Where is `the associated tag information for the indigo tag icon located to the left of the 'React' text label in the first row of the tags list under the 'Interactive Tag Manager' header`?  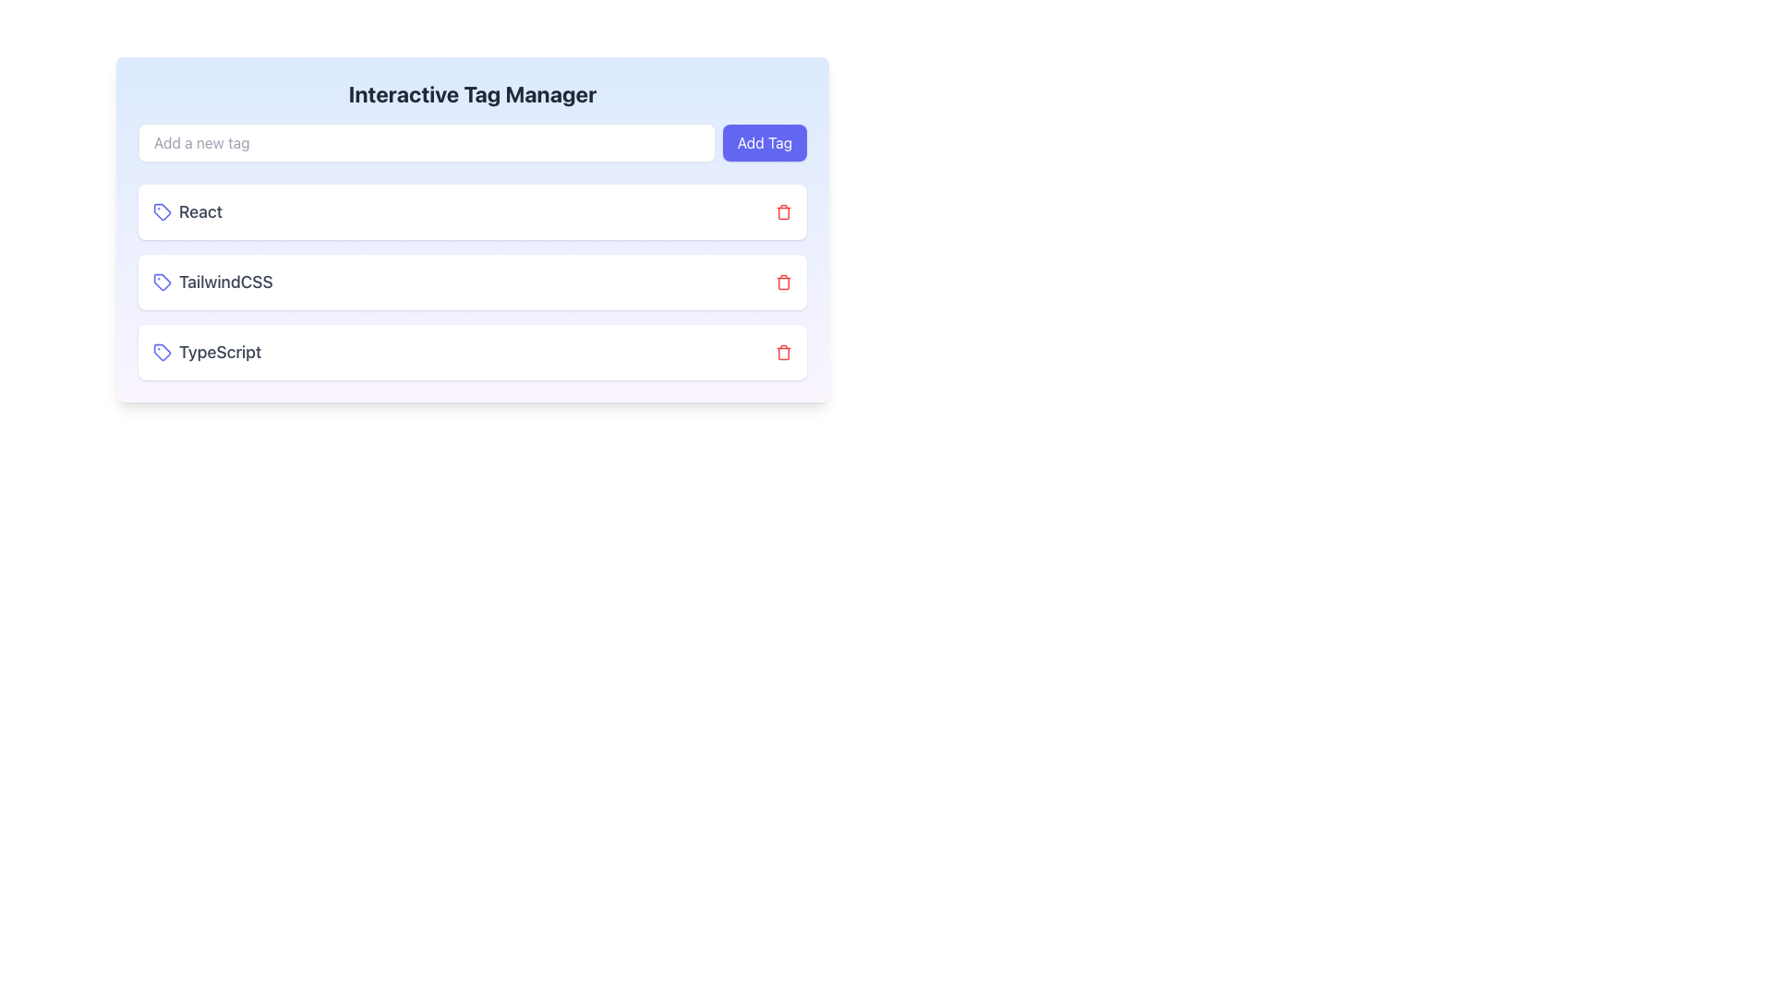 the associated tag information for the indigo tag icon located to the left of the 'React' text label in the first row of the tags list under the 'Interactive Tag Manager' header is located at coordinates (163, 211).